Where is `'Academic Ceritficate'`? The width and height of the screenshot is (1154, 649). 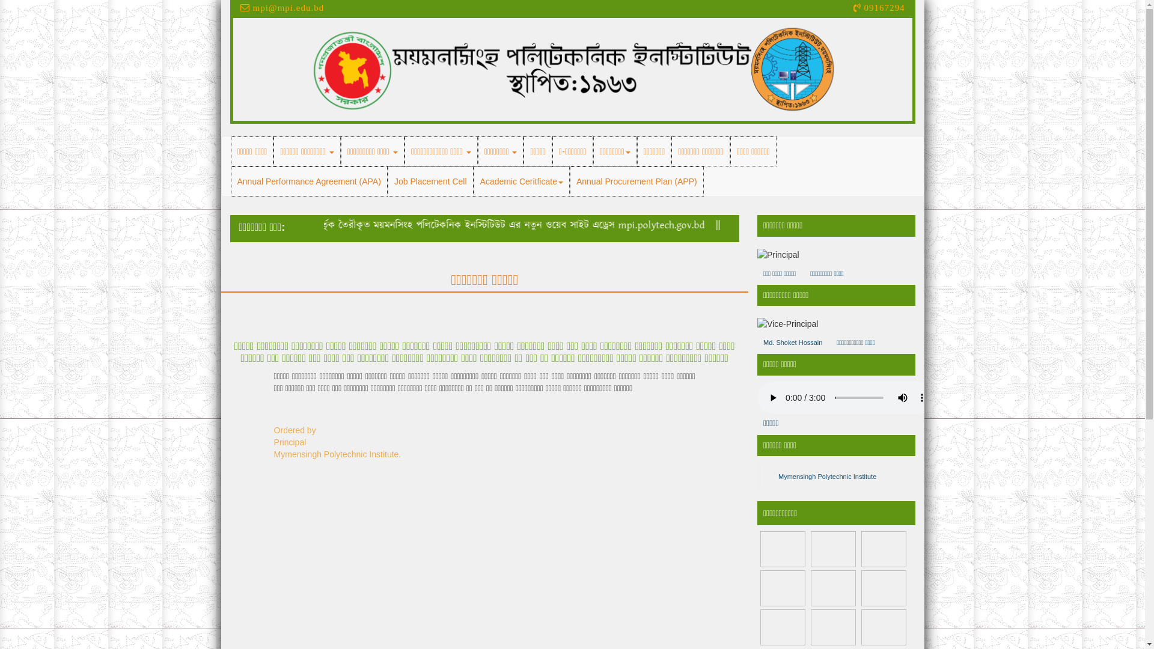 'Academic Ceritficate' is located at coordinates (522, 181).